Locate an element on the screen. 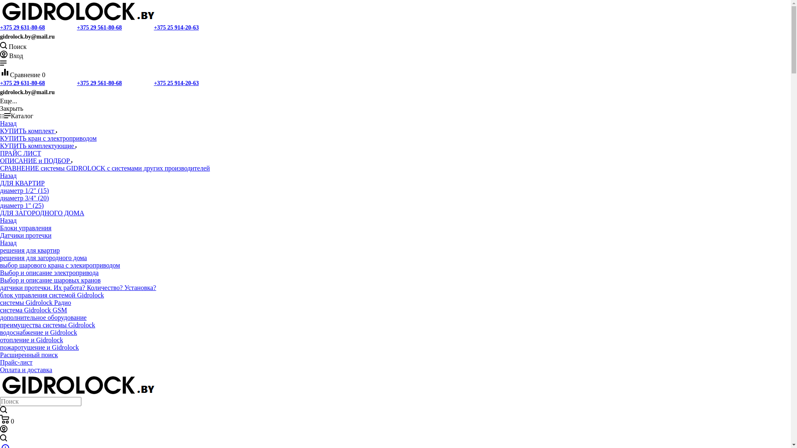 Image resolution: width=797 pixels, height=448 pixels. '+375 25 914-20-63' is located at coordinates (176, 27).